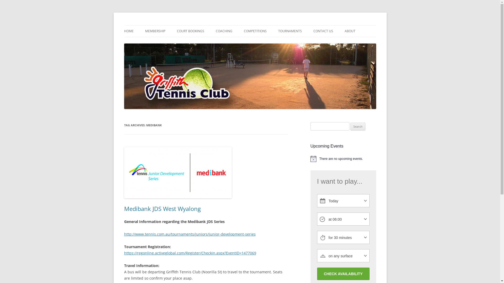 Image resolution: width=504 pixels, height=283 pixels. Describe the element at coordinates (128, 31) in the screenshot. I see `'HOME'` at that location.